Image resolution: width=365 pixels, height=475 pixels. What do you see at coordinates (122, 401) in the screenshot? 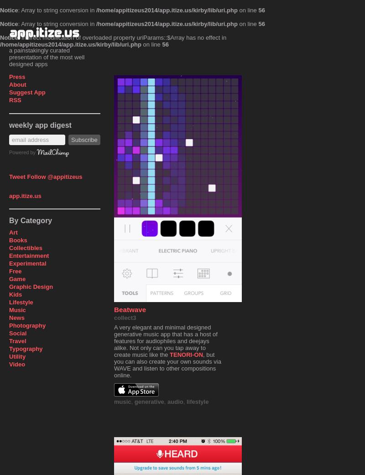
I see `'music'` at bounding box center [122, 401].